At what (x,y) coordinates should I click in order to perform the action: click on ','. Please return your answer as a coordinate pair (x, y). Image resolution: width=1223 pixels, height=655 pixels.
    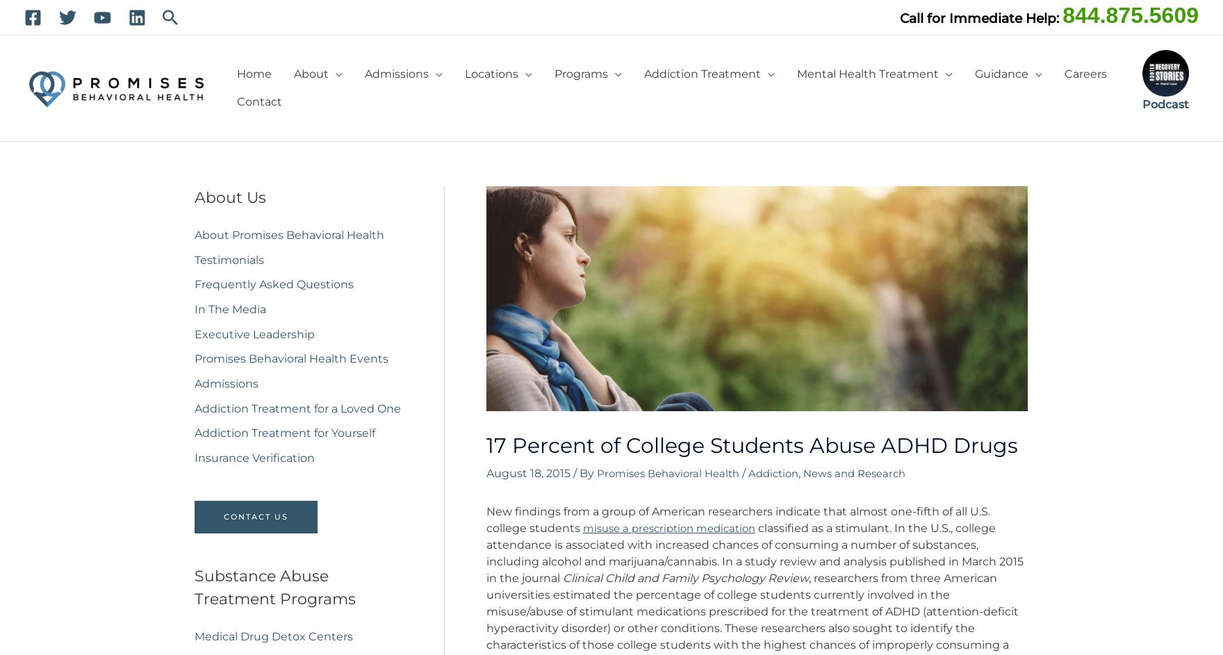
    Looking at the image, I should click on (811, 473).